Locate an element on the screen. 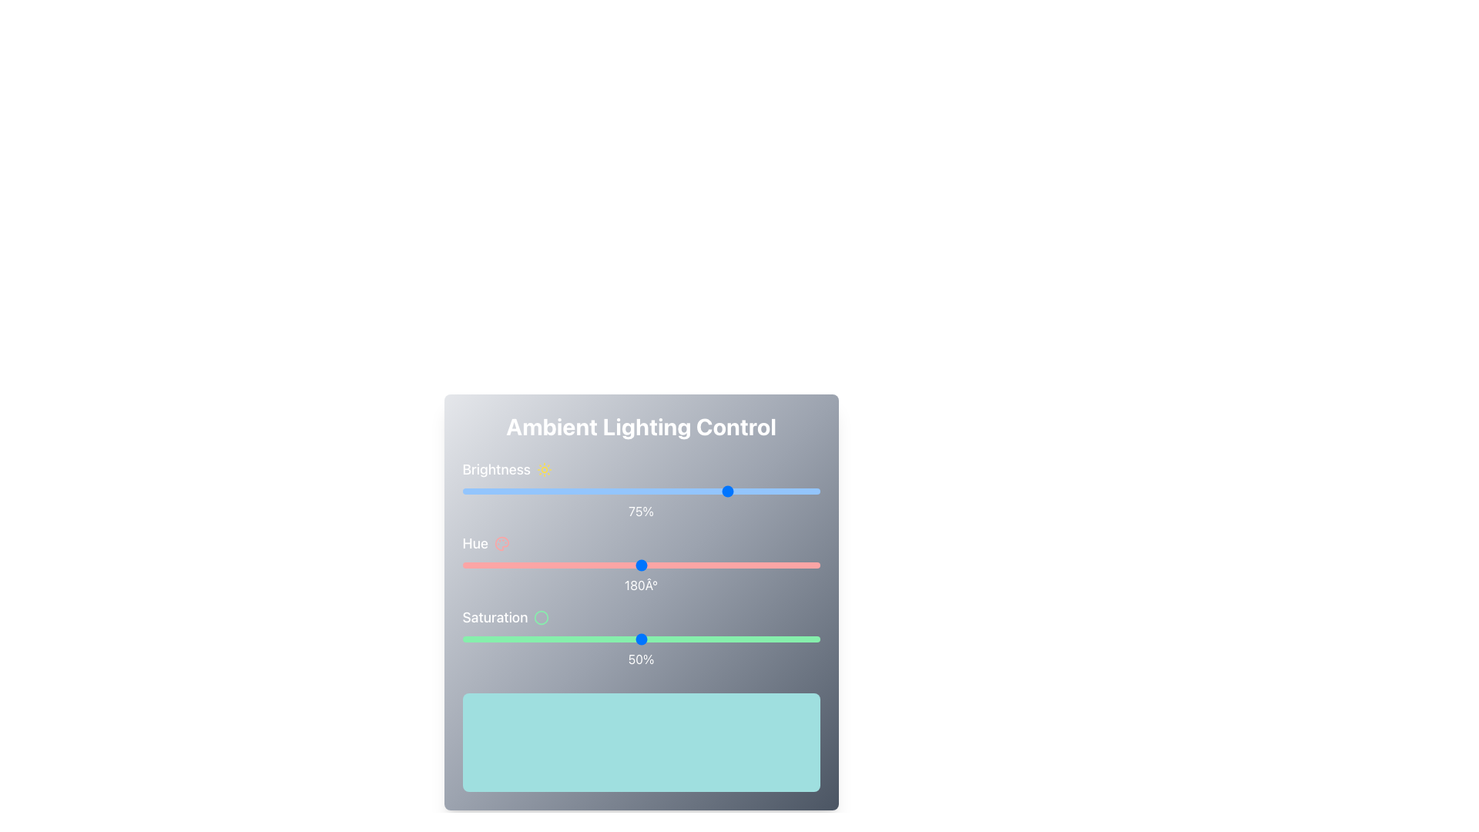 This screenshot has width=1479, height=832. brightness is located at coordinates (552, 491).